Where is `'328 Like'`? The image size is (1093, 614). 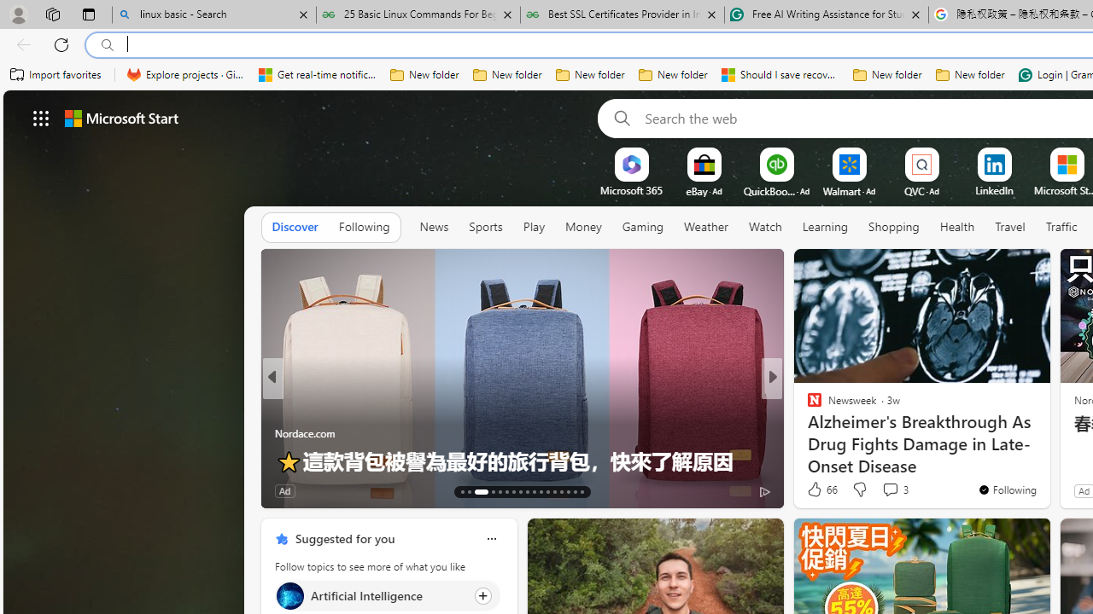
'328 Like' is located at coordinates (818, 490).